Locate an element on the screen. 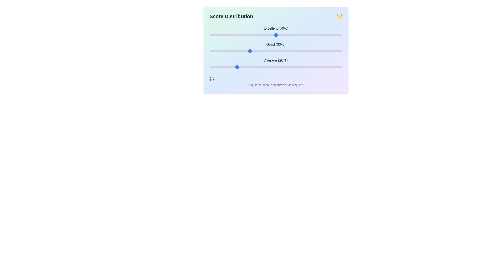  the slider for the 'Good' category to 20% is located at coordinates (236, 51).